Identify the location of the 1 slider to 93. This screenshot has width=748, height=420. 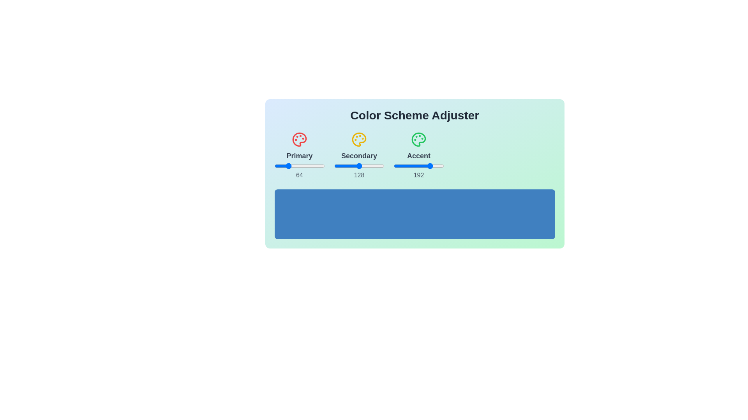
(378, 166).